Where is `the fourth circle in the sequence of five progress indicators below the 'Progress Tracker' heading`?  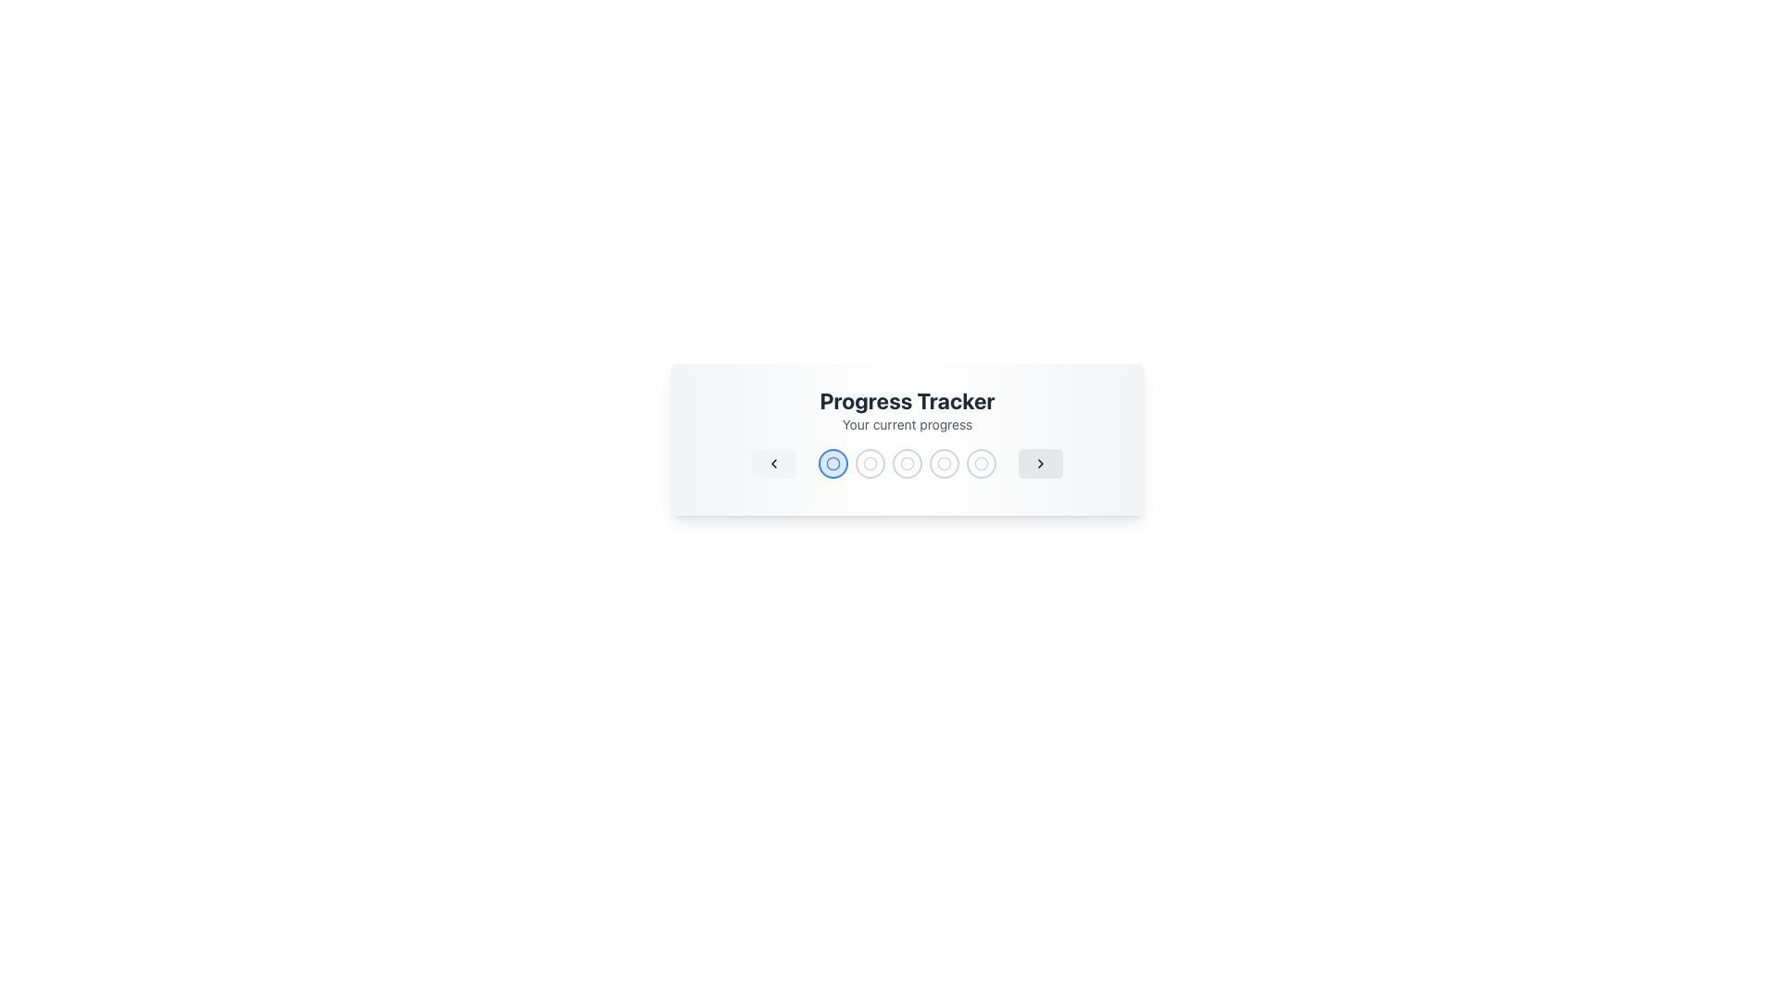 the fourth circle in the sequence of five progress indicators below the 'Progress Tracker' heading is located at coordinates (907, 463).